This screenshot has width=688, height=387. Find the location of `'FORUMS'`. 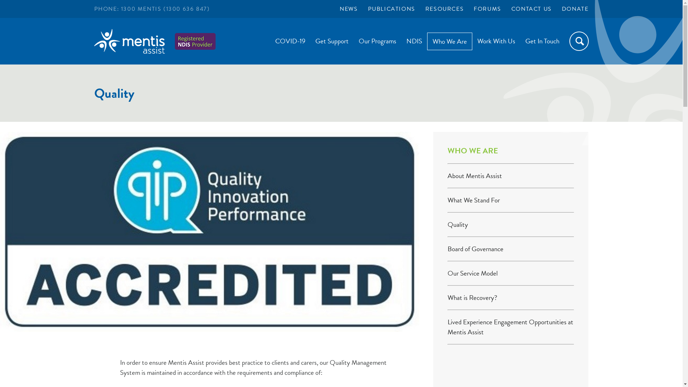

'FORUMS' is located at coordinates (473, 9).